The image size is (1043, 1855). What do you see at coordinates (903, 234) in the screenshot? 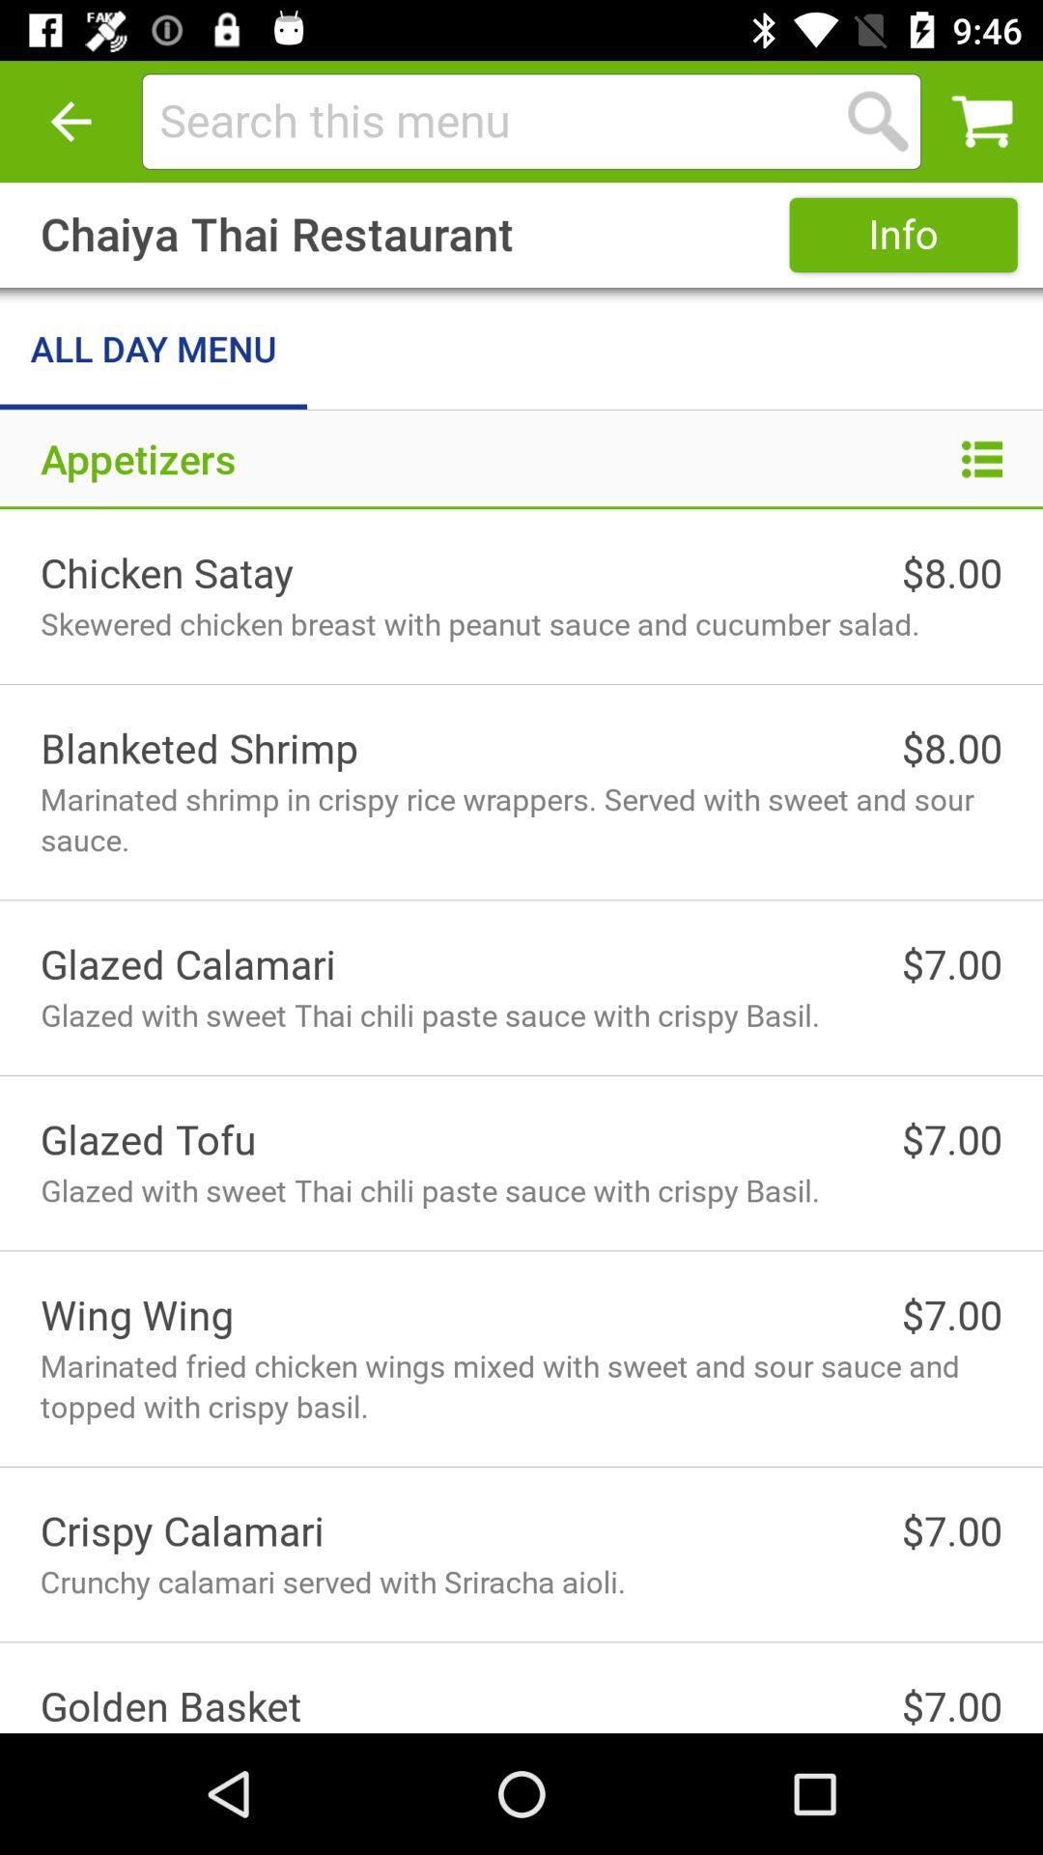
I see `icon next to chaiya thai restaurant icon` at bounding box center [903, 234].